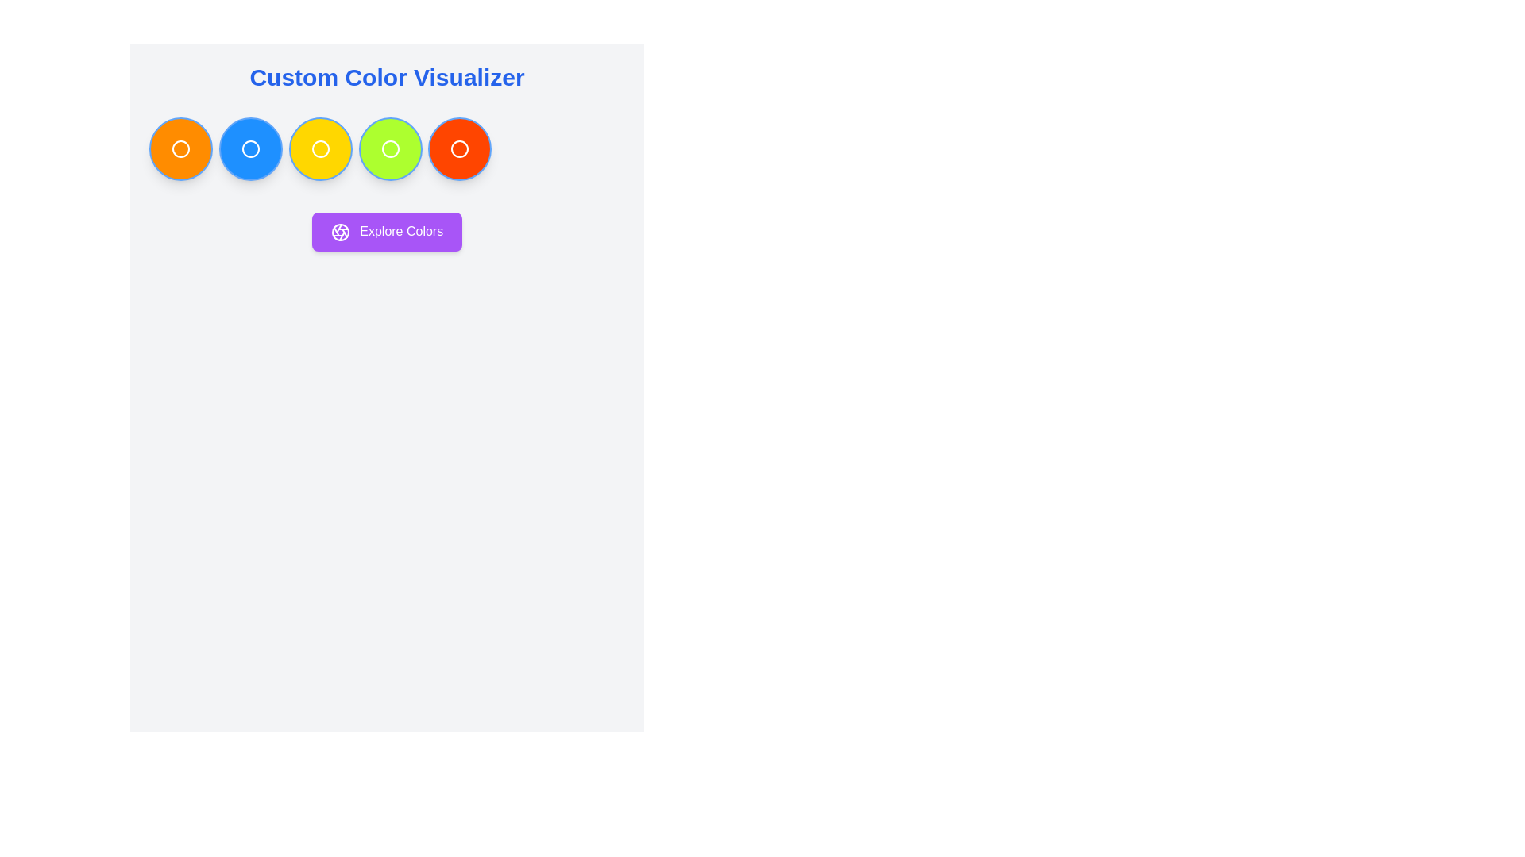  What do you see at coordinates (180, 149) in the screenshot?
I see `the circular button with an orange background and blue border, located below the heading 'Custom Color Visualizer'` at bounding box center [180, 149].